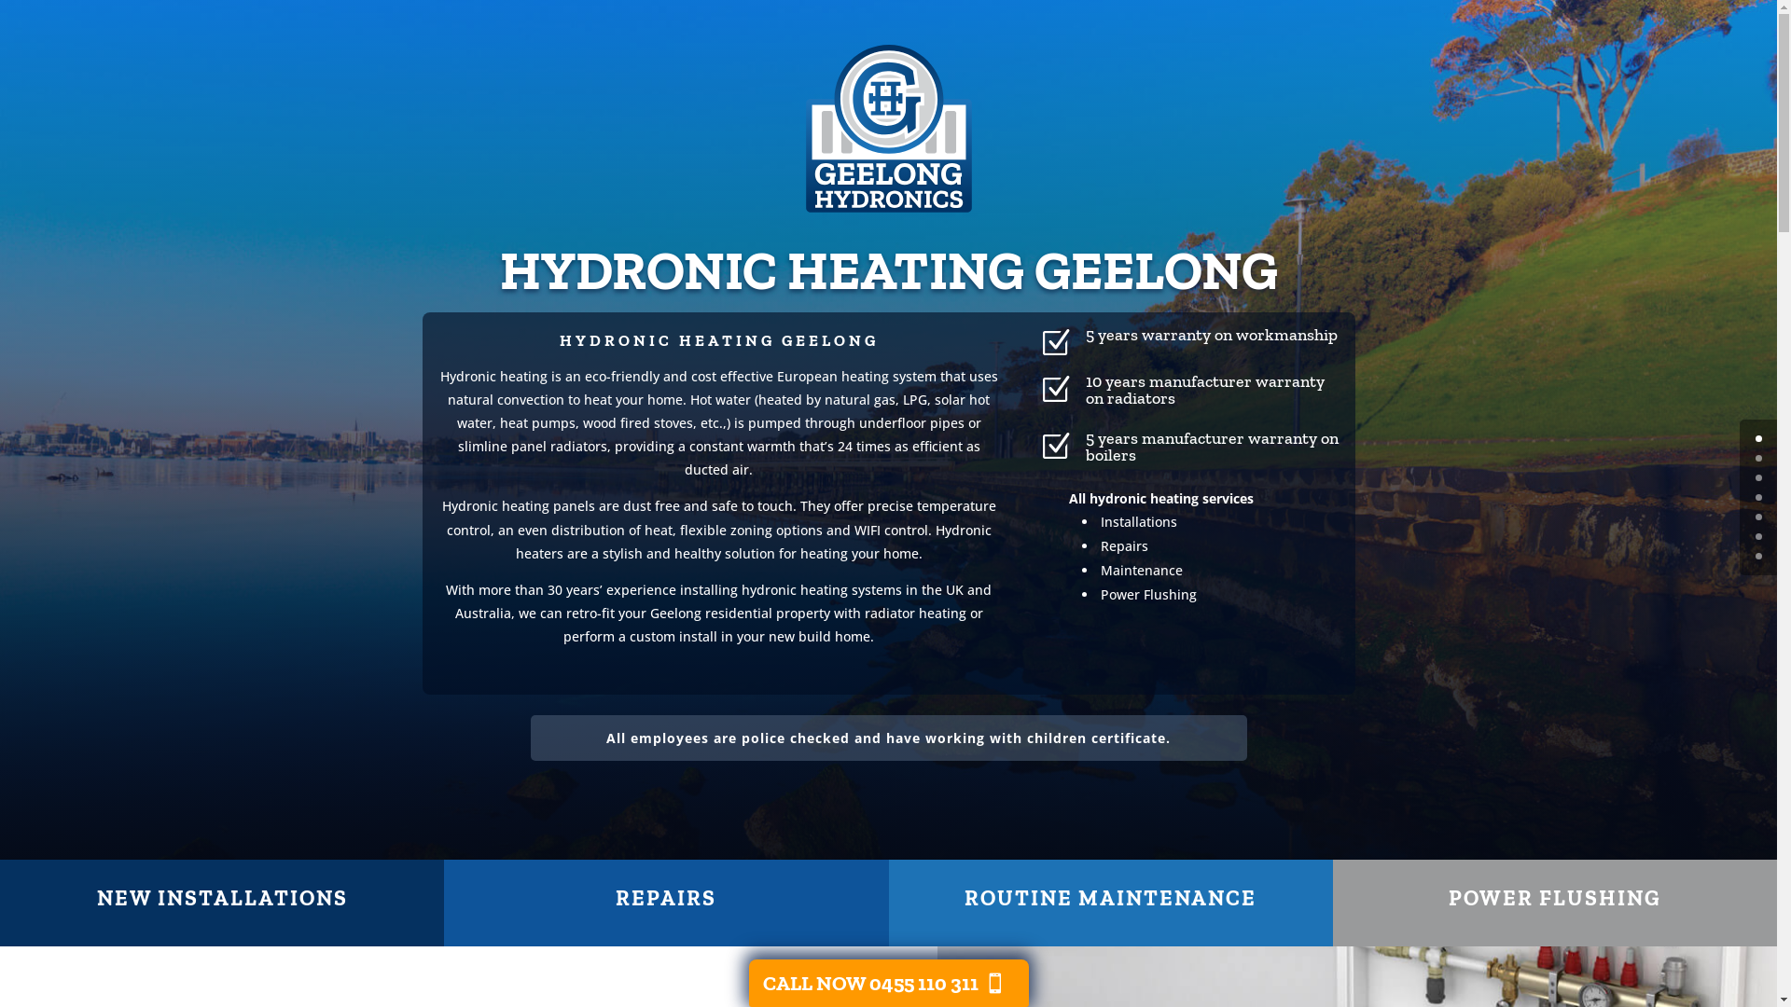 This screenshot has width=1791, height=1007. Describe the element at coordinates (1754, 496) in the screenshot. I see `'3'` at that location.